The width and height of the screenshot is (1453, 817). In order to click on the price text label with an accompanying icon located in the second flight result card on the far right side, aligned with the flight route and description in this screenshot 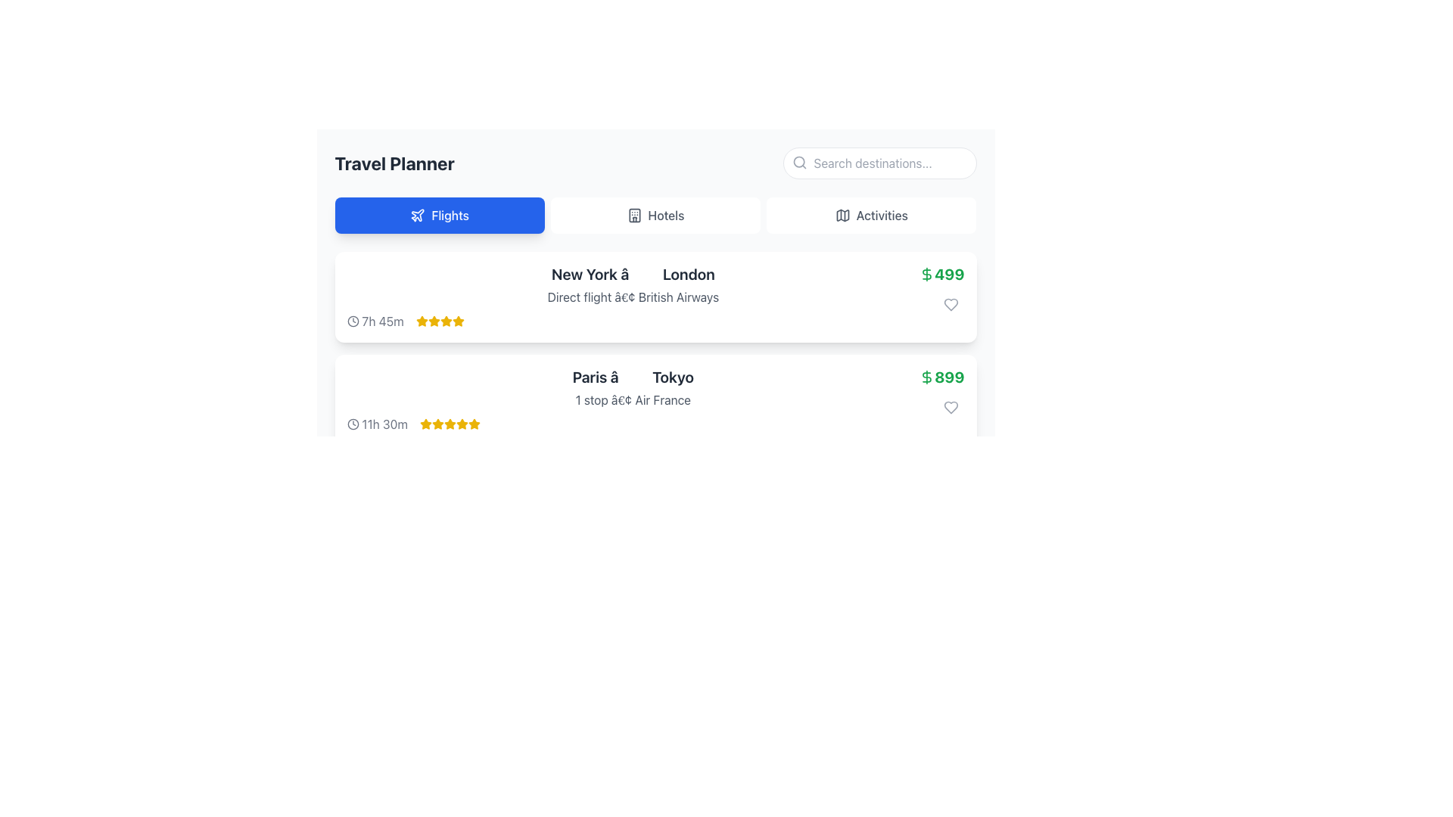, I will do `click(941, 376)`.